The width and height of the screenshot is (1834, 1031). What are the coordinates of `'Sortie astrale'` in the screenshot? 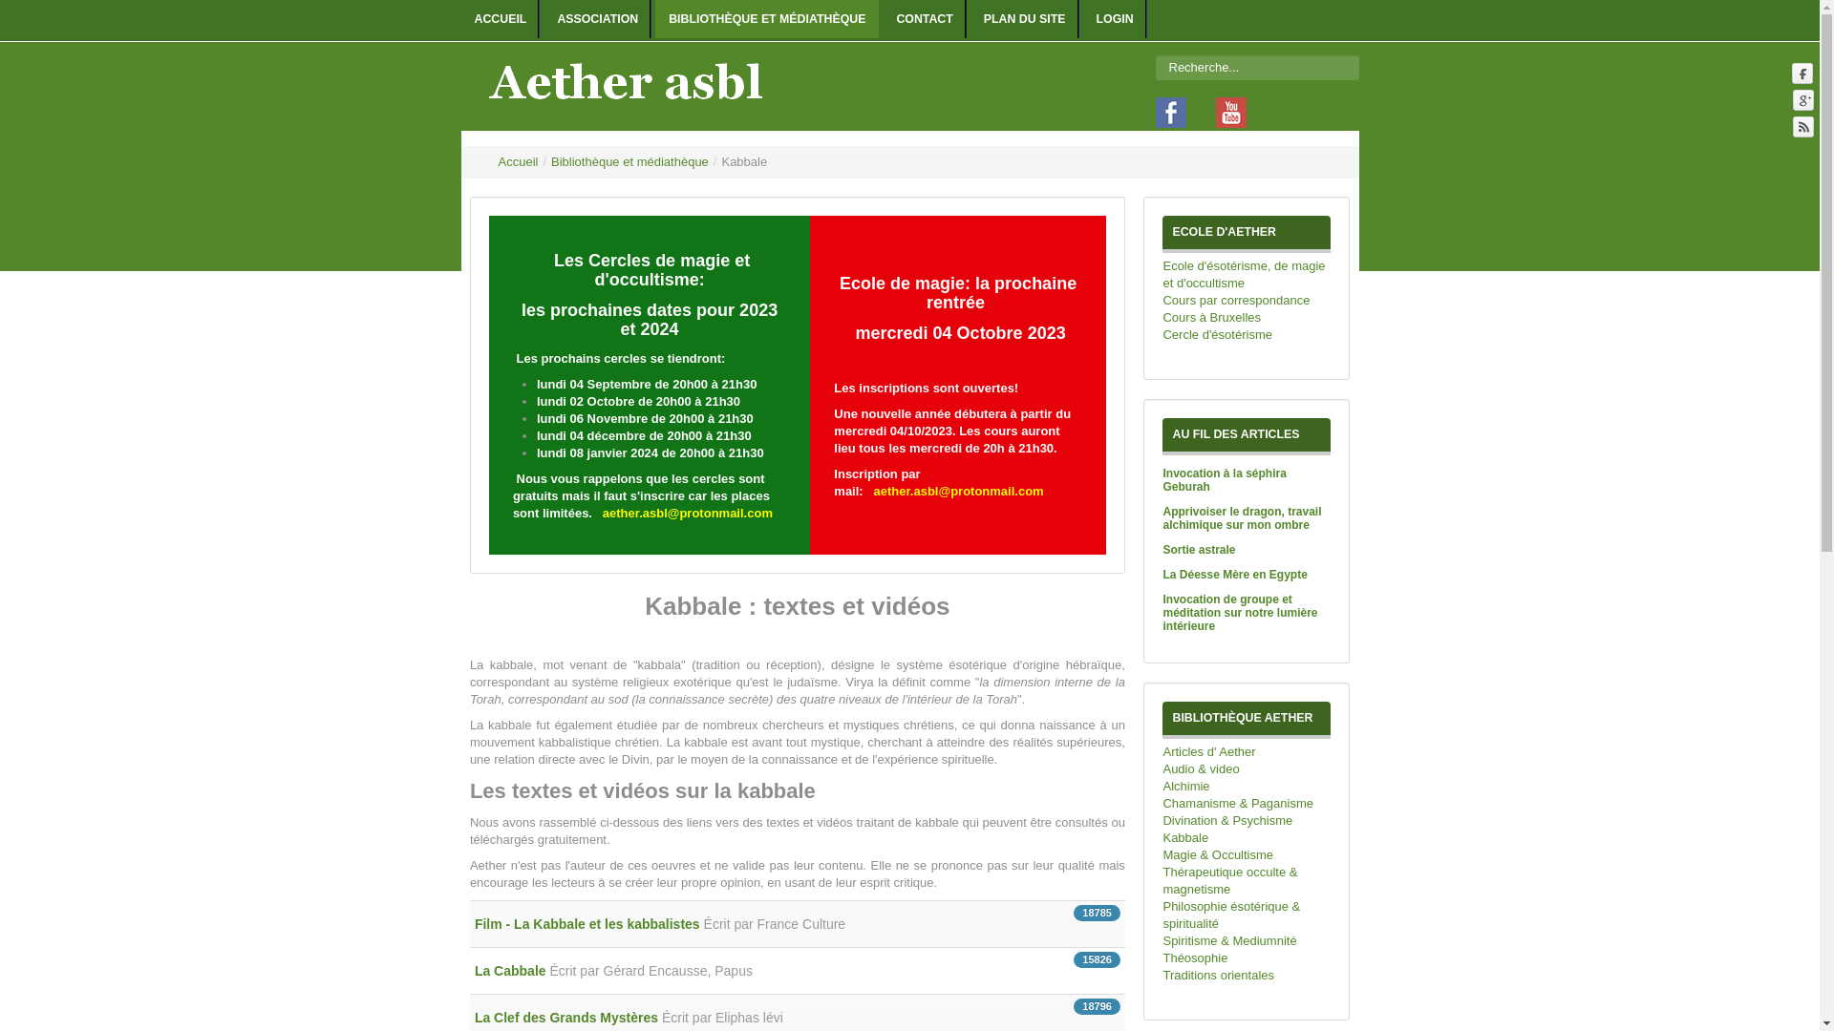 It's located at (1197, 549).